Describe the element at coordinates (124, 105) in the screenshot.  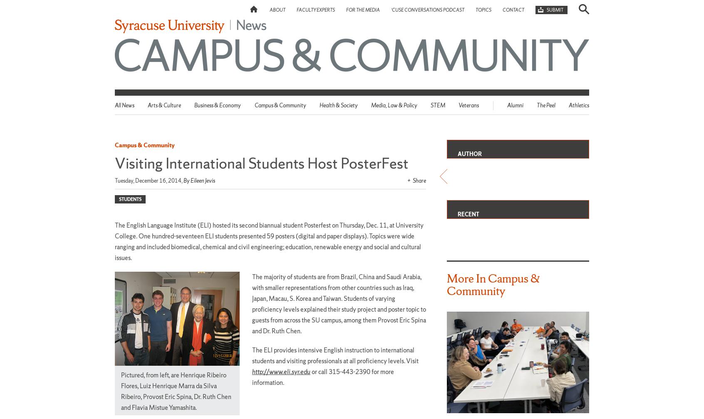
I see `'All News'` at that location.